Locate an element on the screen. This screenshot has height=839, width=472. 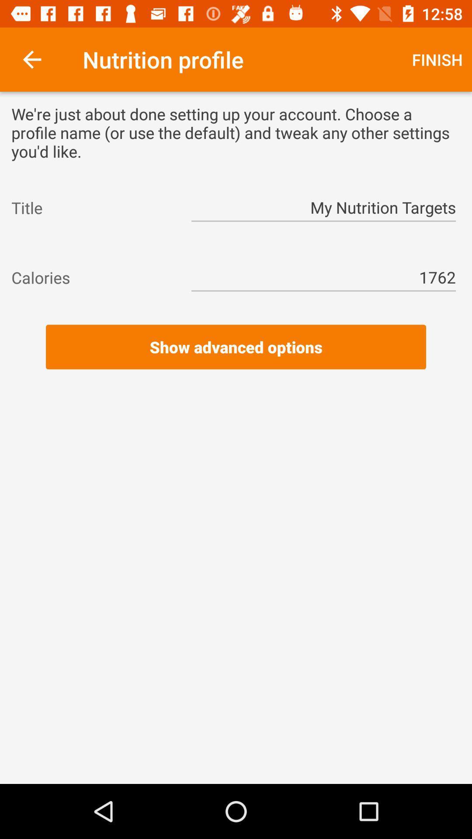
icon to the left of nutrition profile icon is located at coordinates (31, 59).